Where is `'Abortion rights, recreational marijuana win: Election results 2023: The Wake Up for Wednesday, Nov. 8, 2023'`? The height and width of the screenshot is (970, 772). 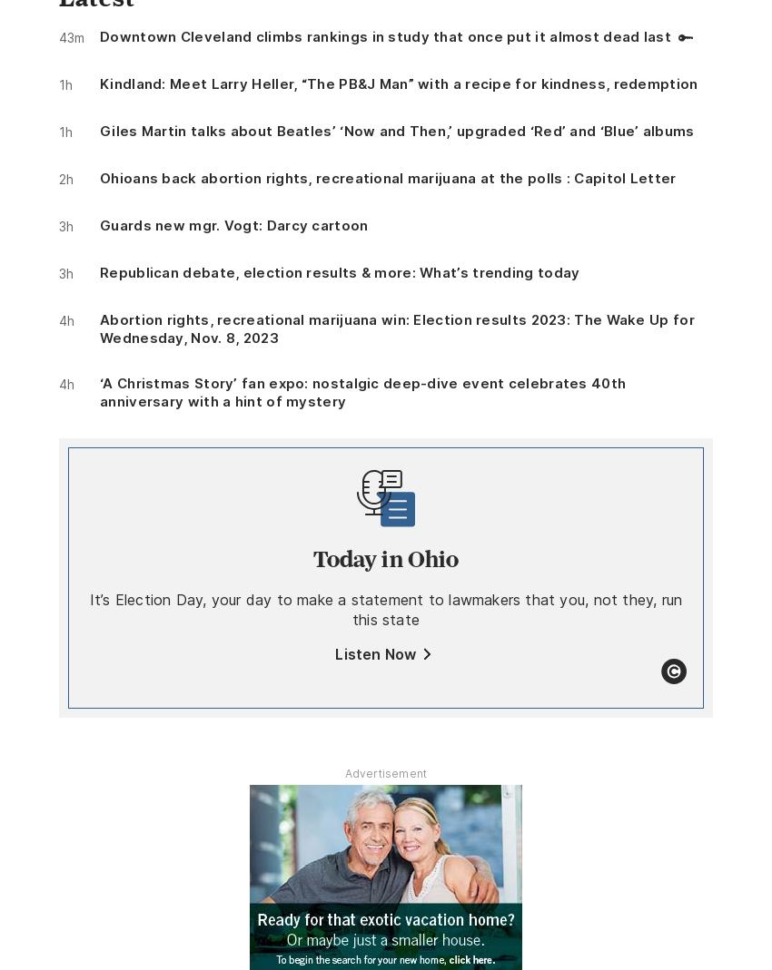 'Abortion rights, recreational marijuana win: Election results 2023: The Wake Up for Wednesday, Nov. 8, 2023' is located at coordinates (395, 328).